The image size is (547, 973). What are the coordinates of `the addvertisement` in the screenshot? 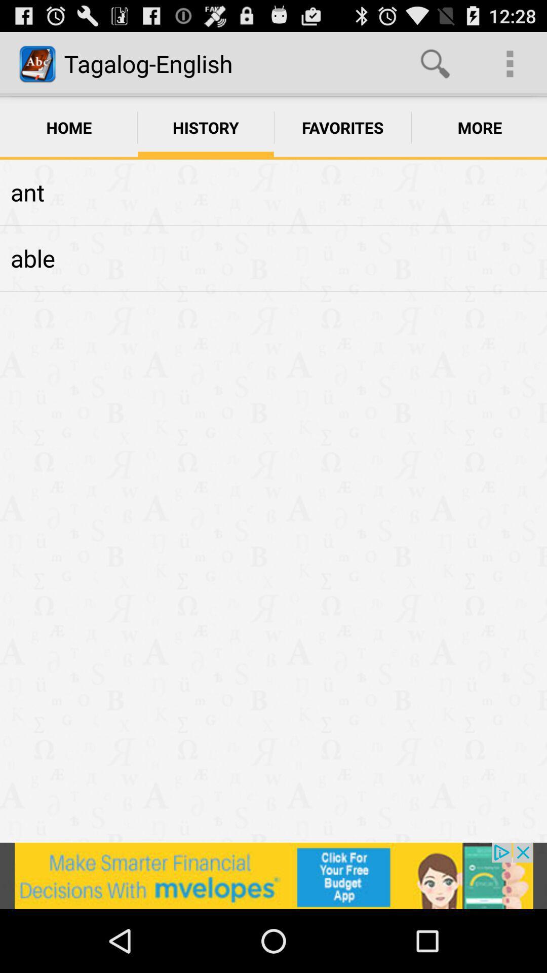 It's located at (273, 875).